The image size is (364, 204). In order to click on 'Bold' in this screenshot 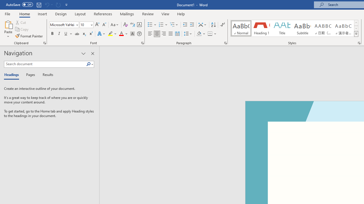, I will do `click(52, 34)`.